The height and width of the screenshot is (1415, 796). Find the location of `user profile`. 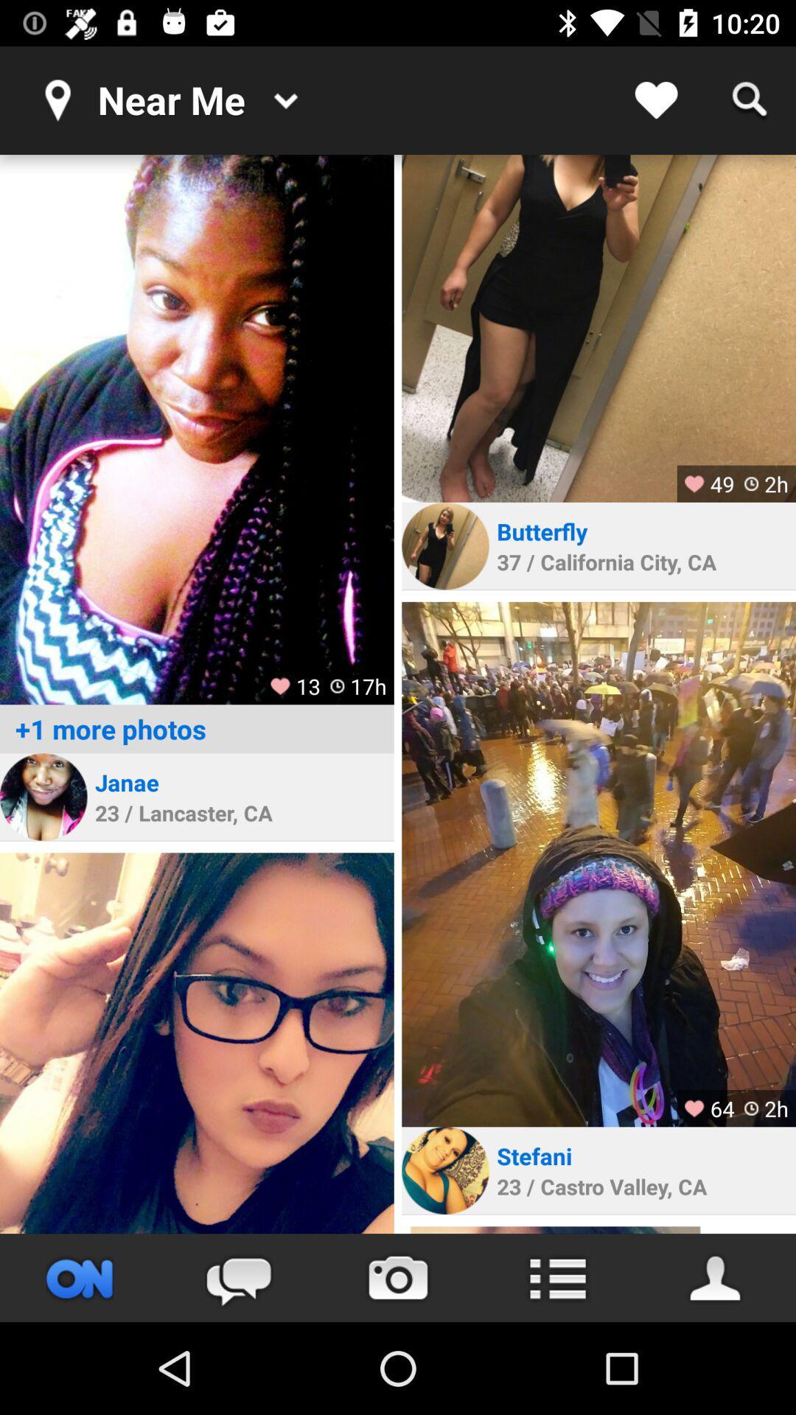

user profile is located at coordinates (598, 327).